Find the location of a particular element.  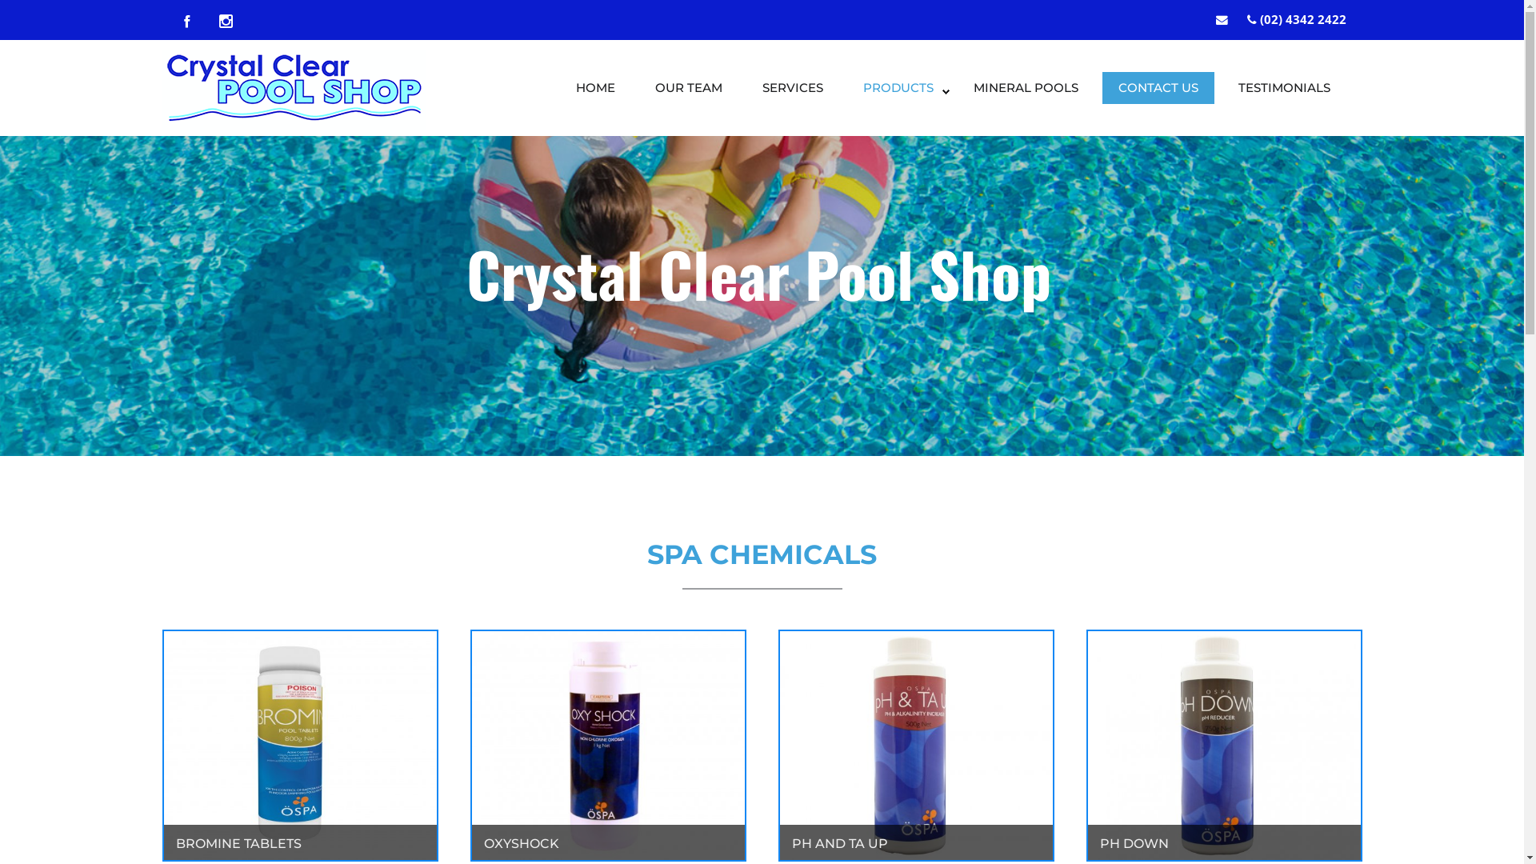

'PH AND TA UP' is located at coordinates (791, 842).